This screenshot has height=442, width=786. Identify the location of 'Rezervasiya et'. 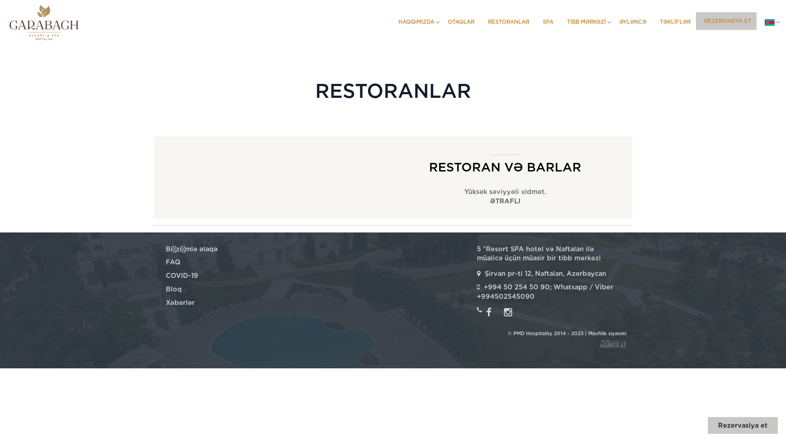
(743, 425).